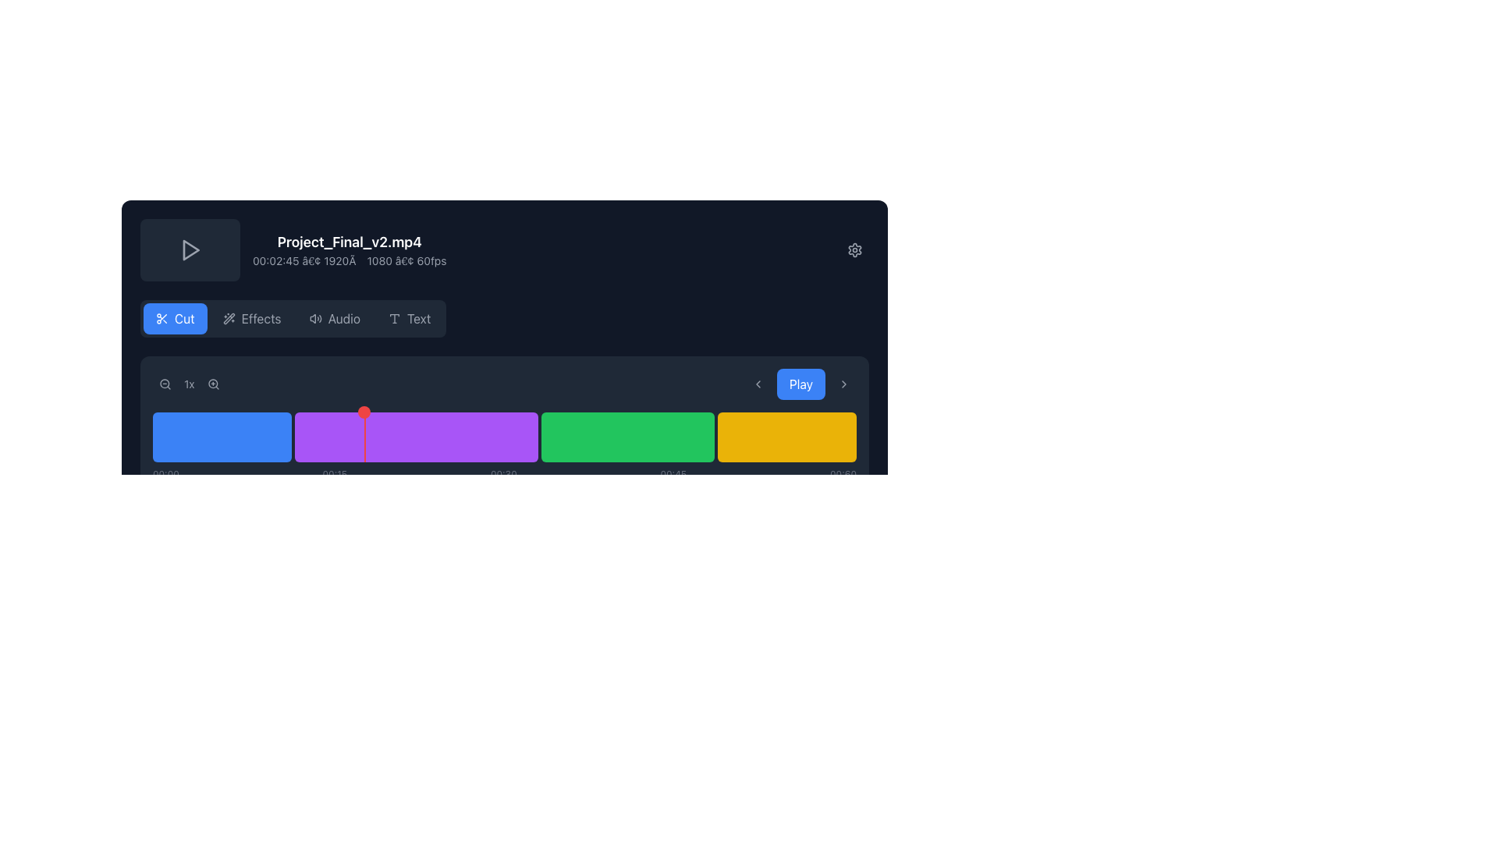  I want to click on the static text label displaying the timestamp '00:60', so click(842, 474).